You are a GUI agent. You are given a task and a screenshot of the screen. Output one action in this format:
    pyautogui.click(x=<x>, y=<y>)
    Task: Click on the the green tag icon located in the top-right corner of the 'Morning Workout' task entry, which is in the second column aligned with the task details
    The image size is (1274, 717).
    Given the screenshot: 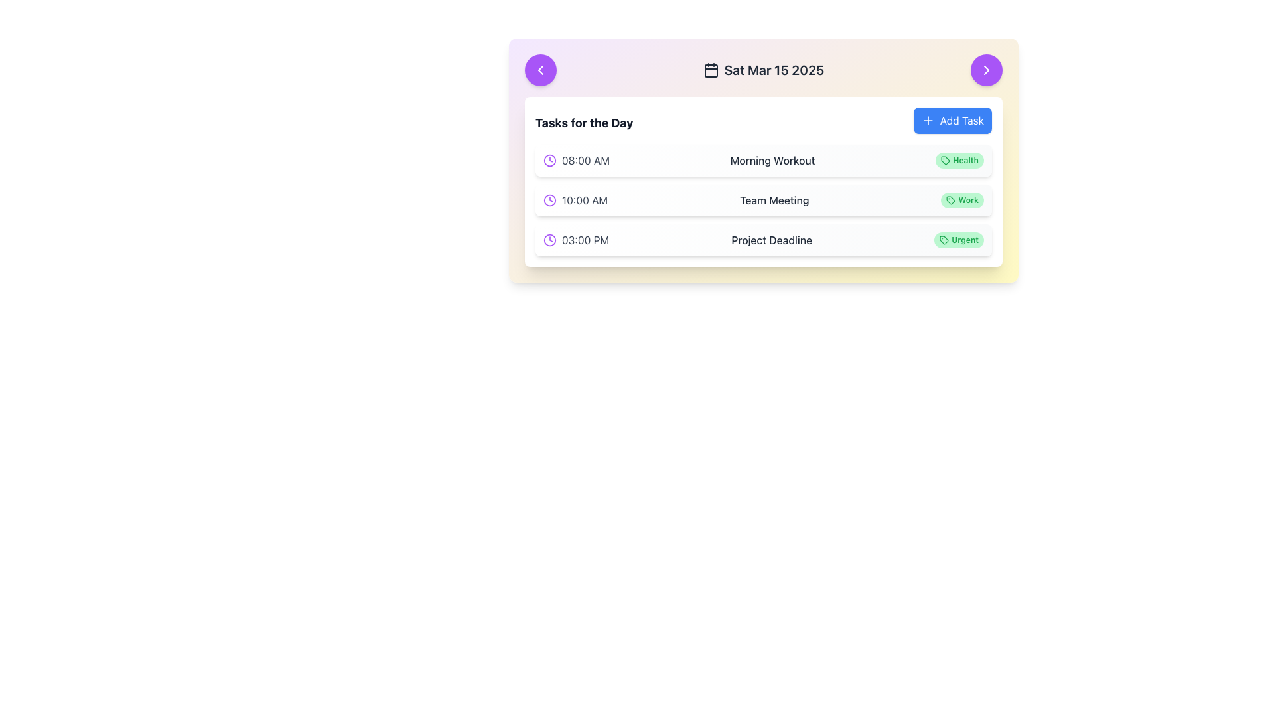 What is the action you would take?
    pyautogui.click(x=945, y=160)
    